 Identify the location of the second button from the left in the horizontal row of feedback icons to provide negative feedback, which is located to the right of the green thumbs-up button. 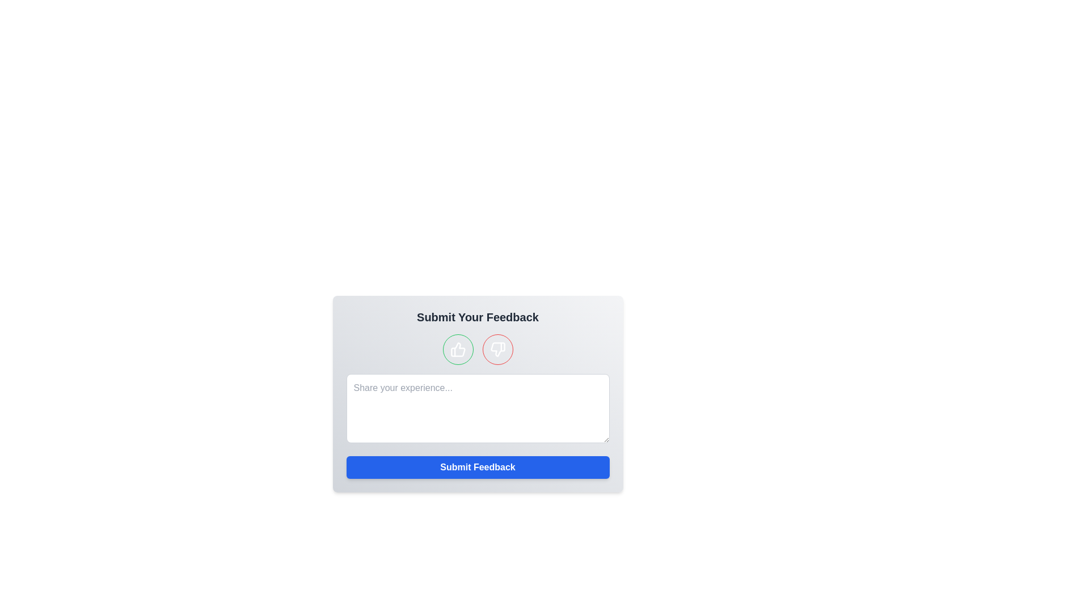
(497, 349).